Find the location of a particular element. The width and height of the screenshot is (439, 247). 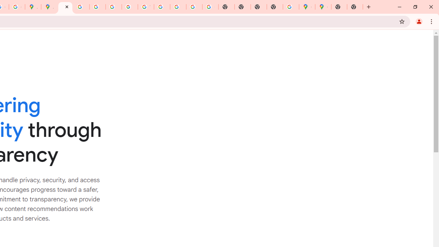

'Google Maps' is located at coordinates (307, 7).